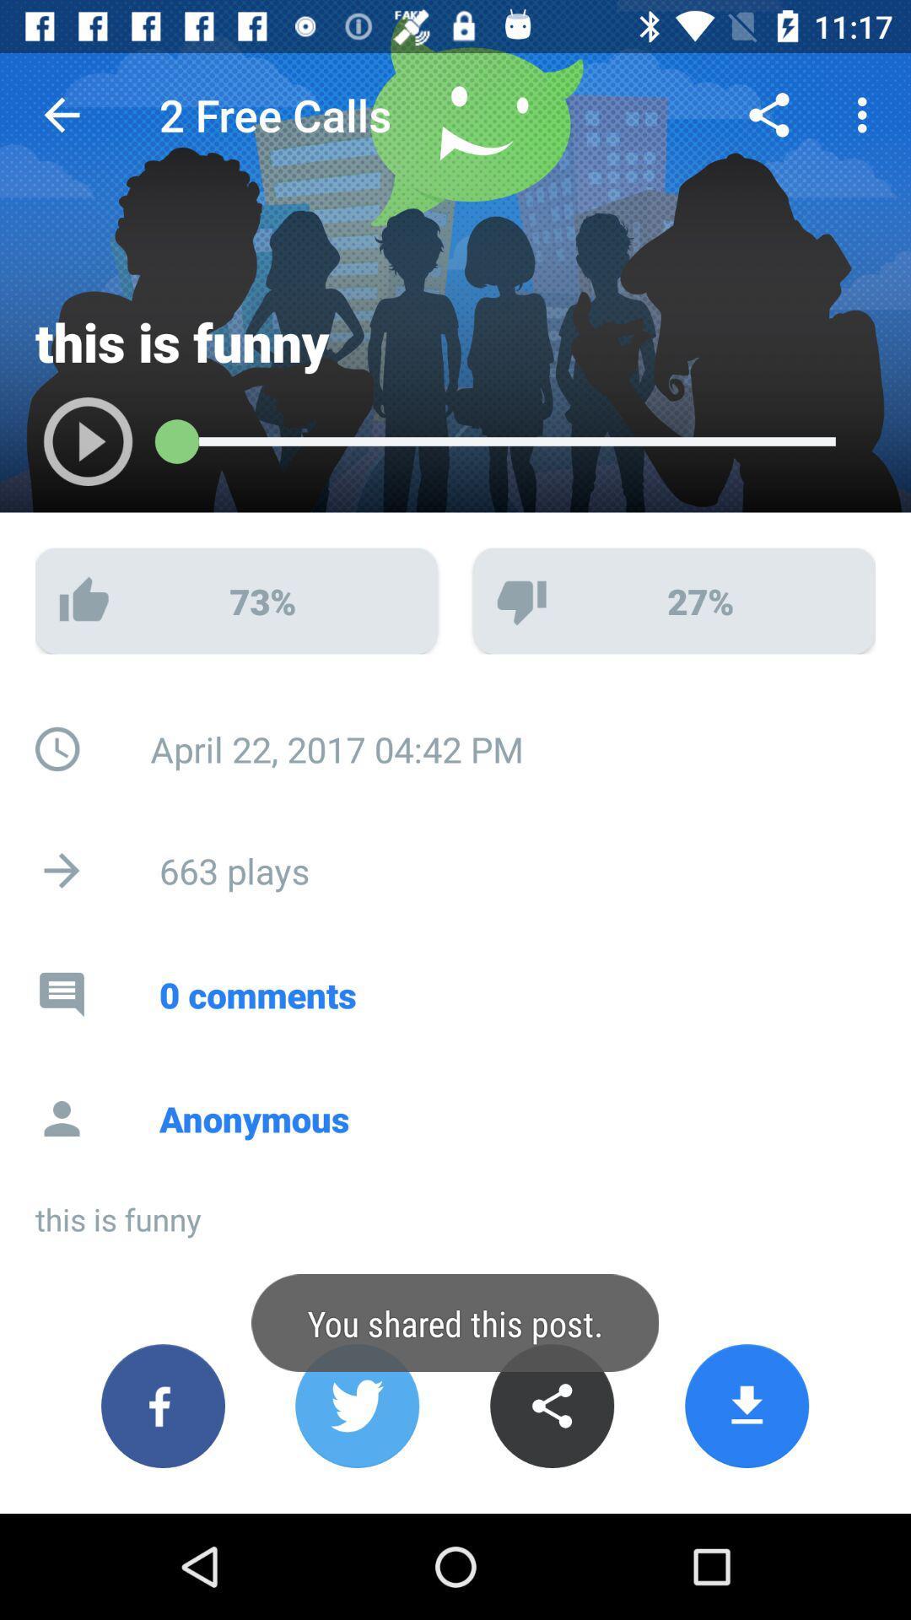 The width and height of the screenshot is (911, 1620). Describe the element at coordinates (746, 1406) in the screenshot. I see `download button` at that location.